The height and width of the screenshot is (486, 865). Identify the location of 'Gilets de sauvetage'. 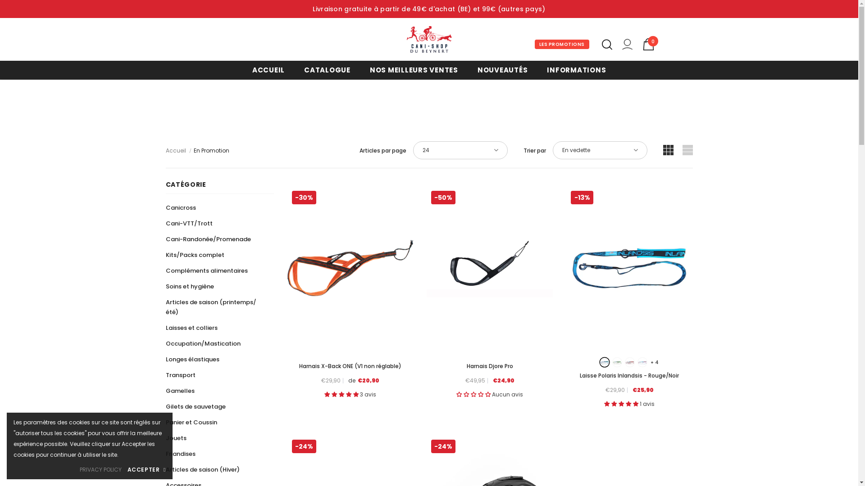
(166, 406).